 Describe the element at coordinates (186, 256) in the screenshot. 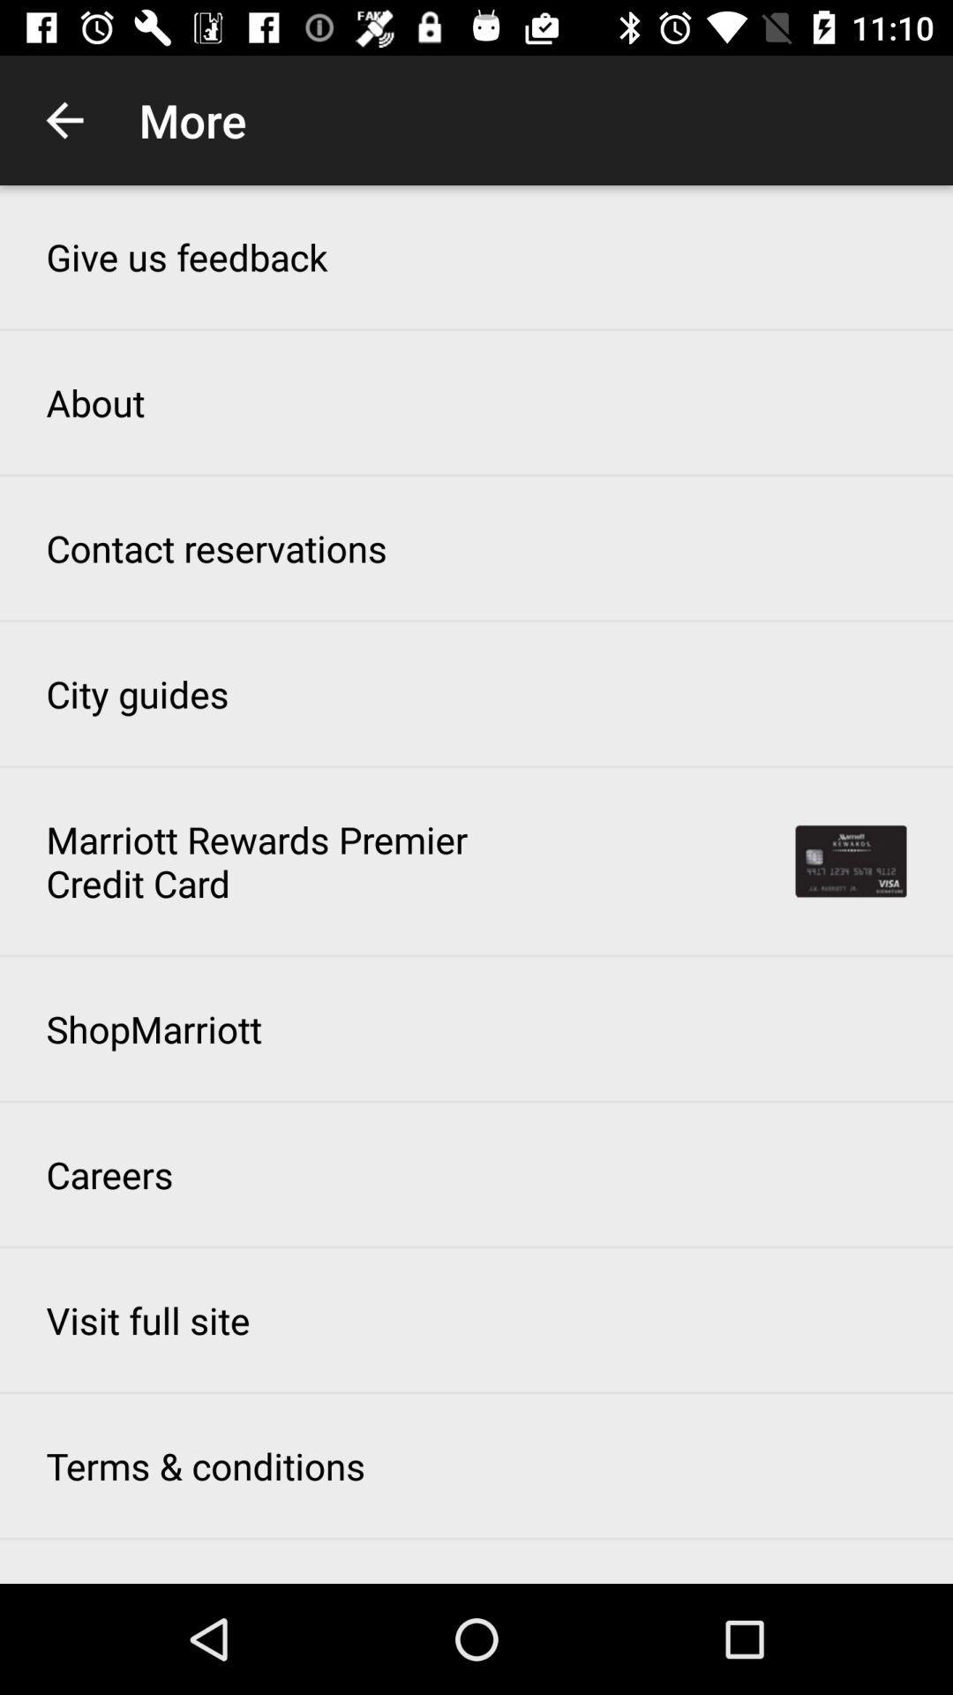

I see `the icon above about item` at that location.